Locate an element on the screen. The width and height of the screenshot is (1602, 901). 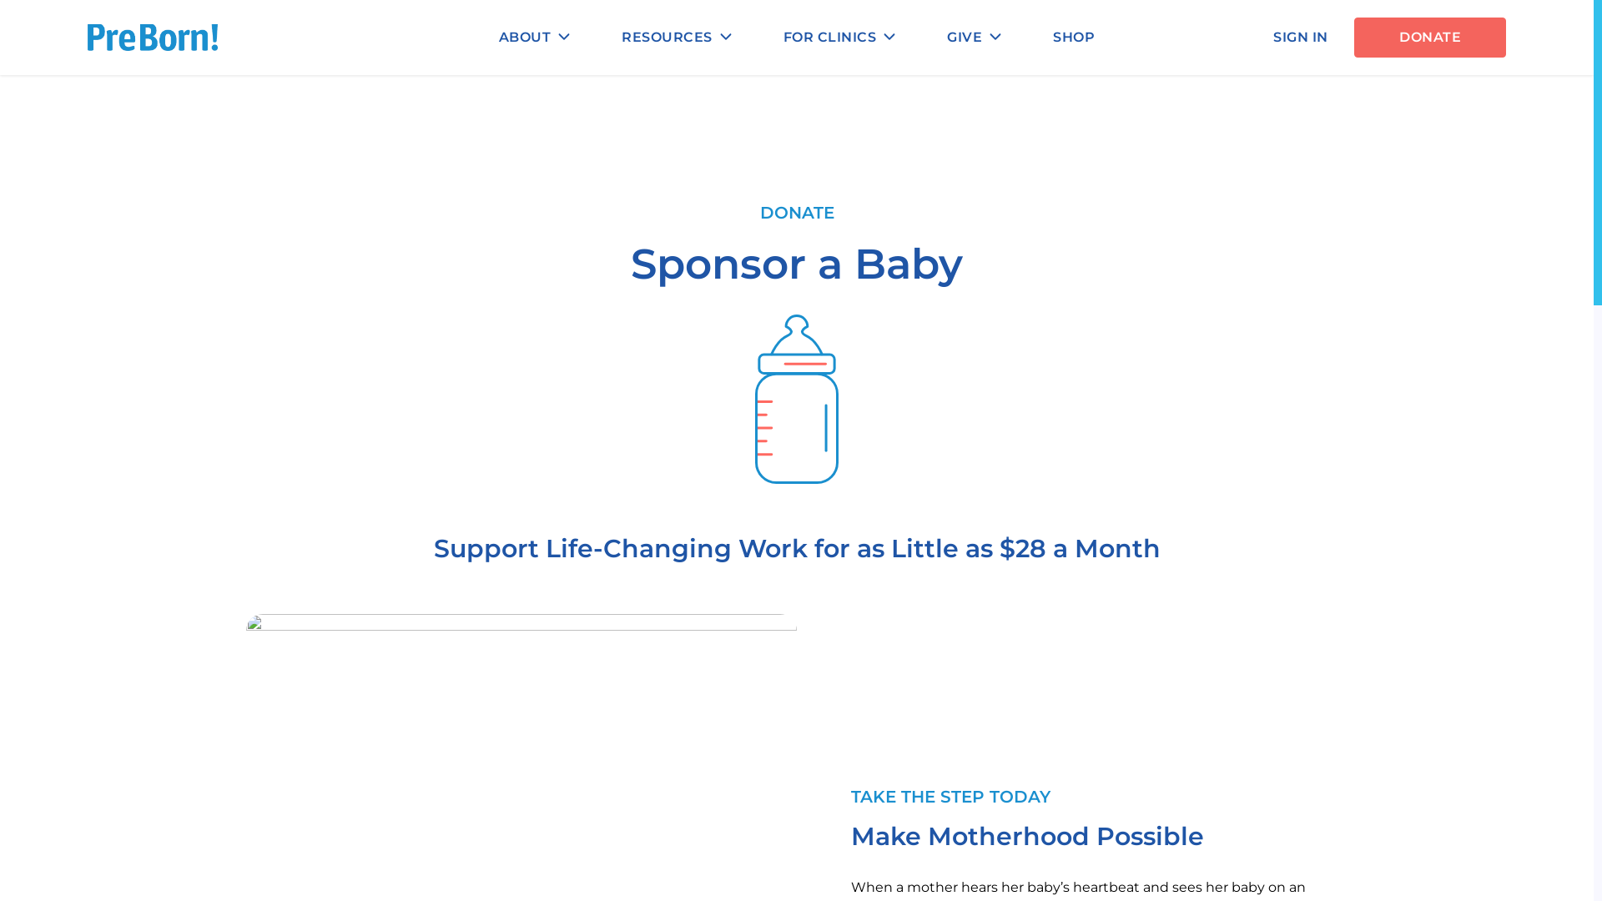
'SHOP' is located at coordinates (1073, 38).